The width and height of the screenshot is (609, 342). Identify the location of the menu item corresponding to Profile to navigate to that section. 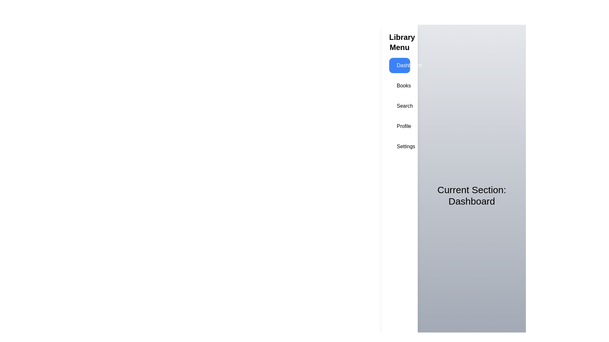
(399, 126).